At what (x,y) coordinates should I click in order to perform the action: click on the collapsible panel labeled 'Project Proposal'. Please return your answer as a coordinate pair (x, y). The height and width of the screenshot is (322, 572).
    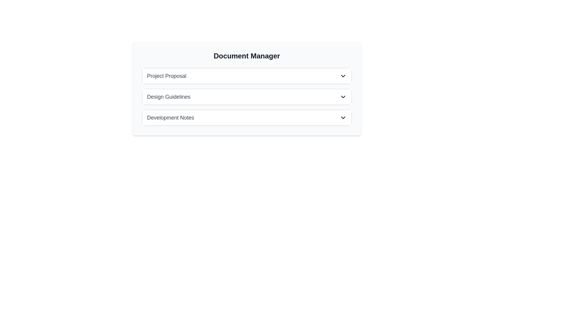
    Looking at the image, I should click on (247, 75).